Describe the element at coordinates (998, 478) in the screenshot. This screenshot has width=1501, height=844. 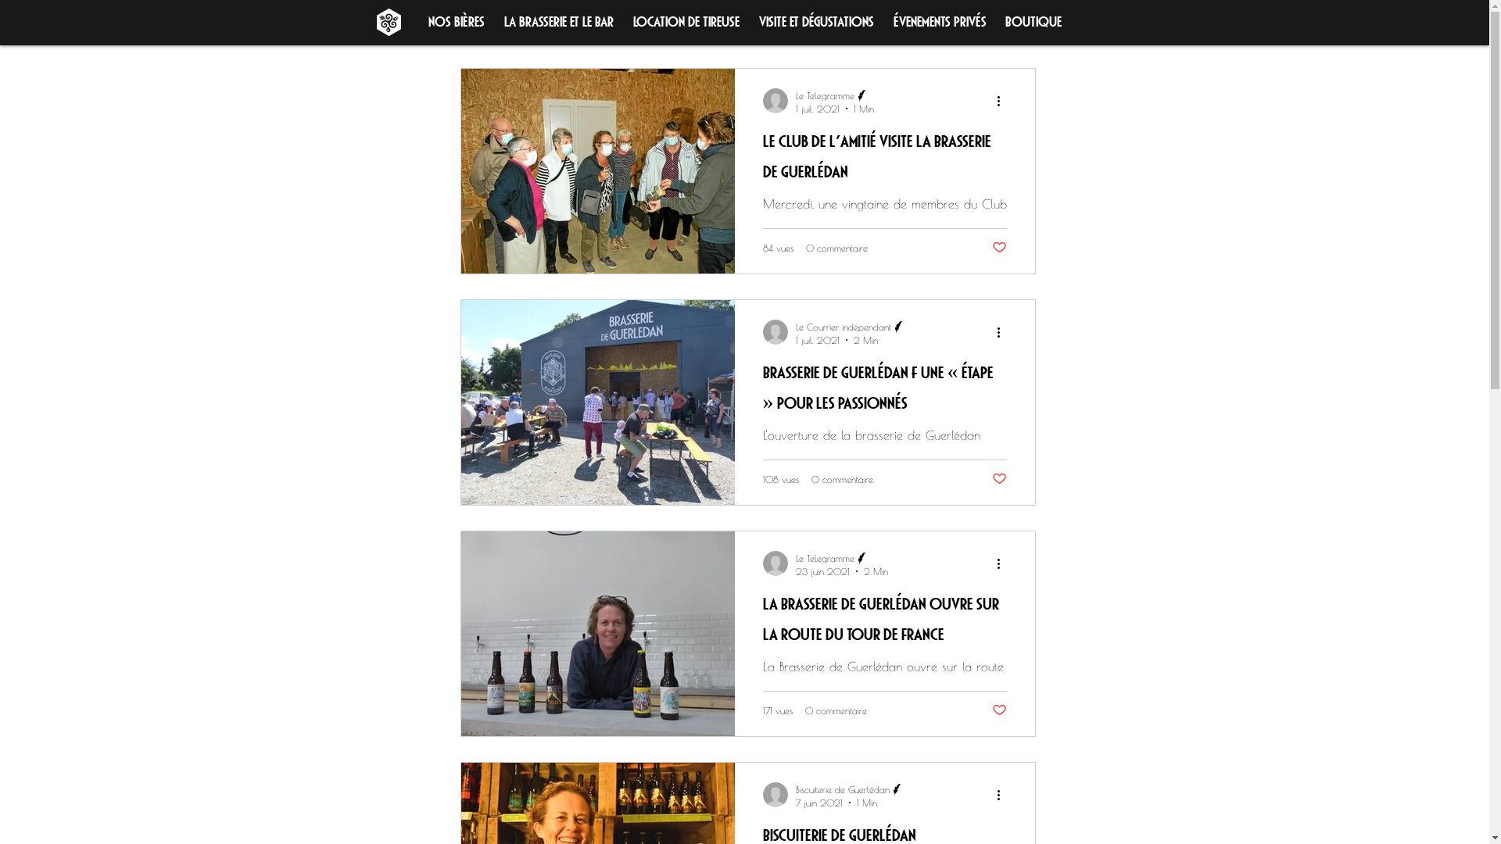
I see `'Vous n'aimez plus ce post'` at that location.